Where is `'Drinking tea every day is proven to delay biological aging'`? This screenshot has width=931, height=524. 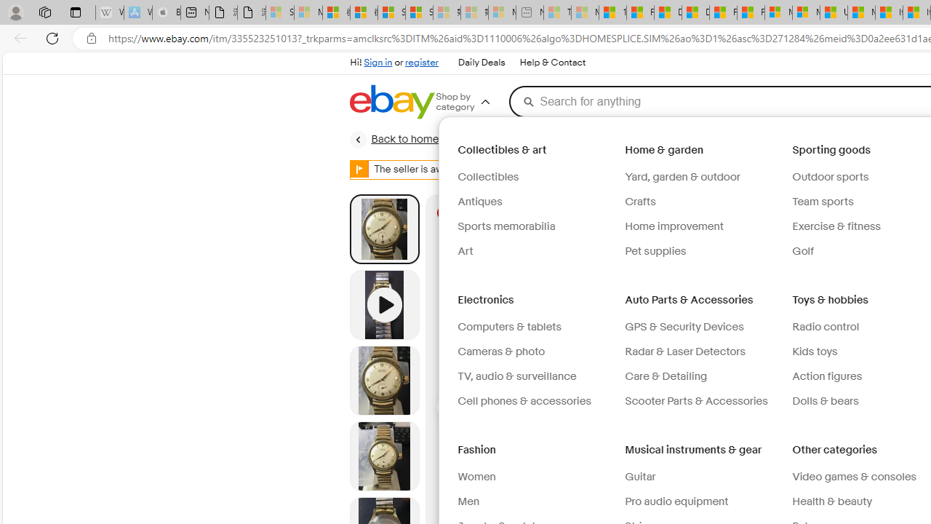 'Drinking tea every day is proven to delay biological aging' is located at coordinates (695, 12).